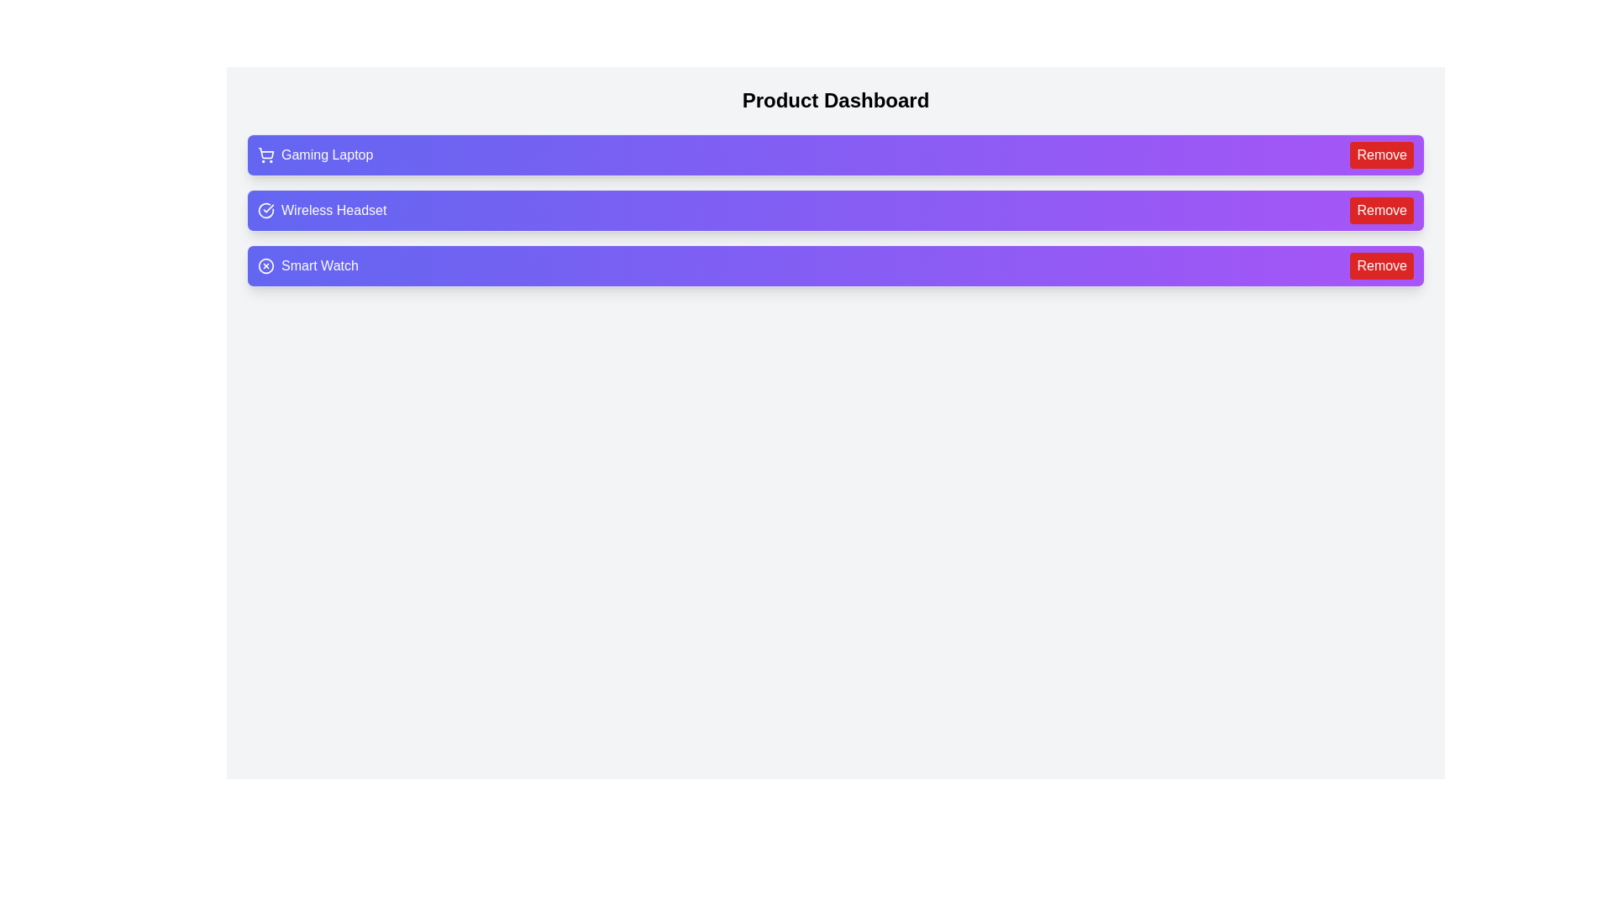  What do you see at coordinates (835, 265) in the screenshot?
I see `the product chip labeled 'Smart Watch' to observe the hover animation effect` at bounding box center [835, 265].